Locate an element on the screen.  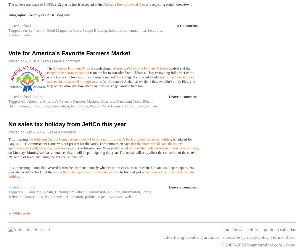
'subscribe' is located at coordinates (222, 237).